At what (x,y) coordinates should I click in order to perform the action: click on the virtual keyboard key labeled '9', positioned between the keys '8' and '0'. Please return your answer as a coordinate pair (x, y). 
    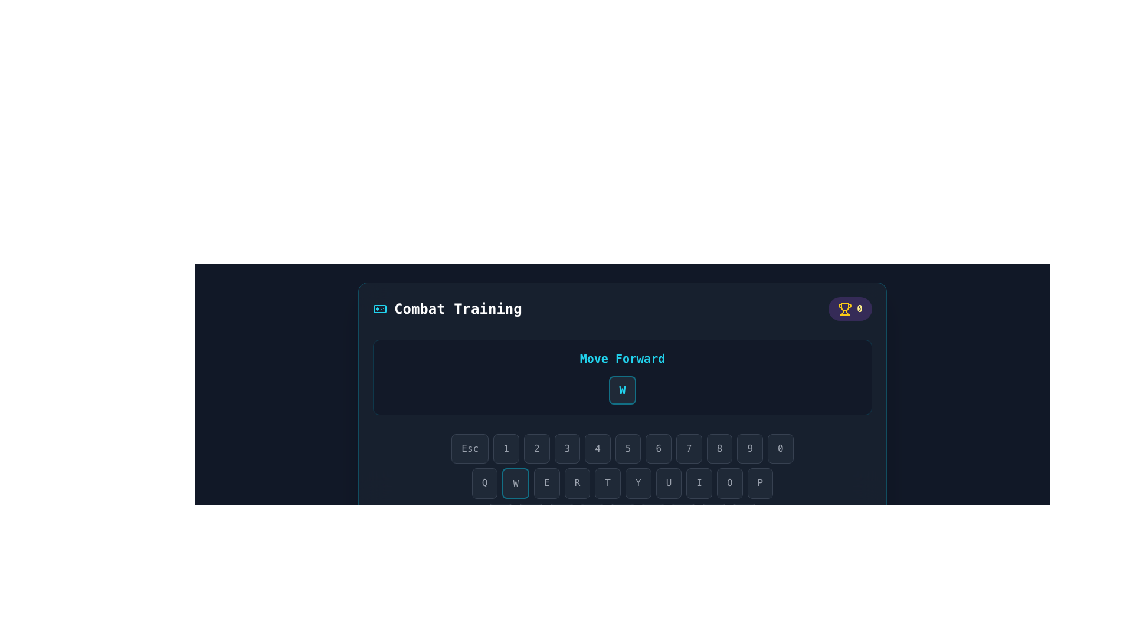
    Looking at the image, I should click on (749, 448).